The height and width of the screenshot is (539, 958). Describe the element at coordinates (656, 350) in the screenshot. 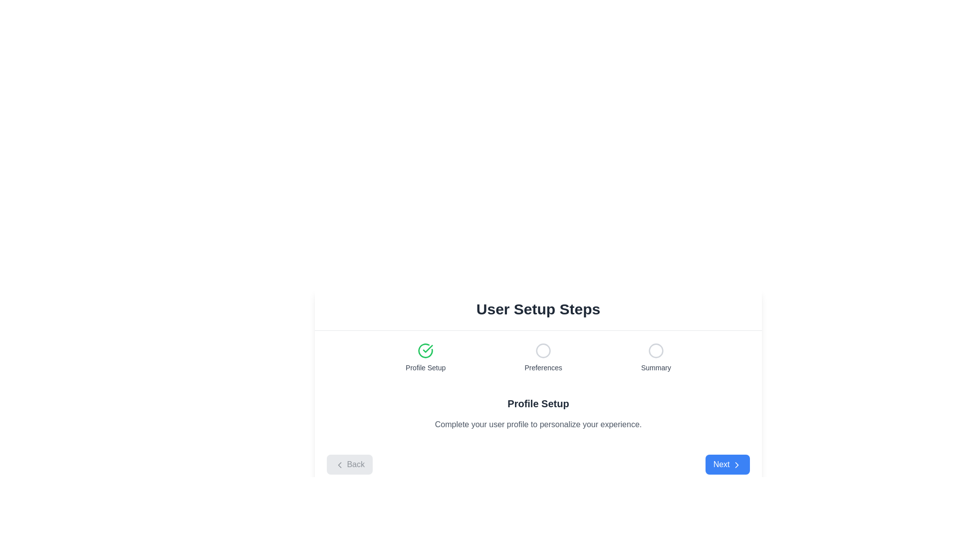

I see `the Visual indicator (step marker) for the 'Summary' step` at that location.